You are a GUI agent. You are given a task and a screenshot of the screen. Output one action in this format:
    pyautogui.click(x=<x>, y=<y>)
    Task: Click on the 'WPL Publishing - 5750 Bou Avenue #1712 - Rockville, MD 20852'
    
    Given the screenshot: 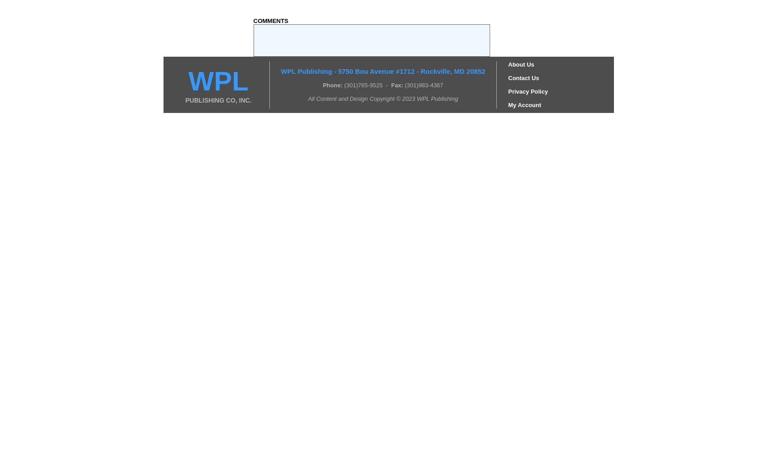 What is the action you would take?
    pyautogui.click(x=382, y=71)
    